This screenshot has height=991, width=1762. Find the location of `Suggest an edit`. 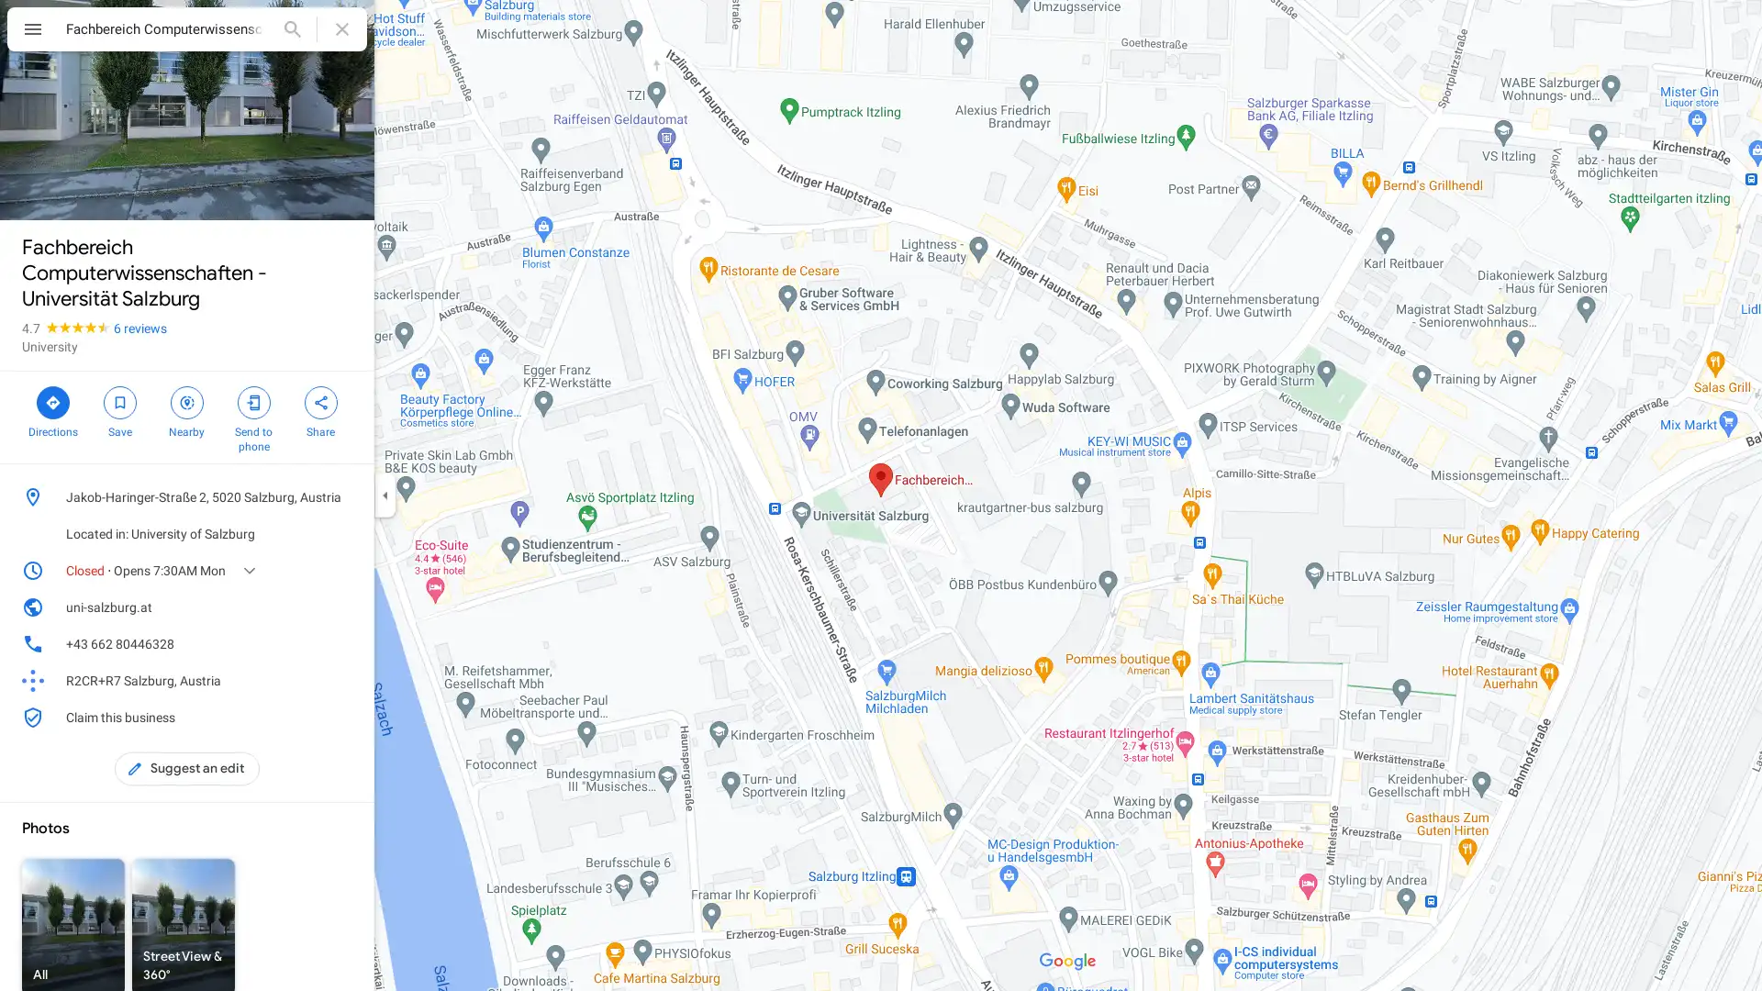

Suggest an edit is located at coordinates (187, 768).